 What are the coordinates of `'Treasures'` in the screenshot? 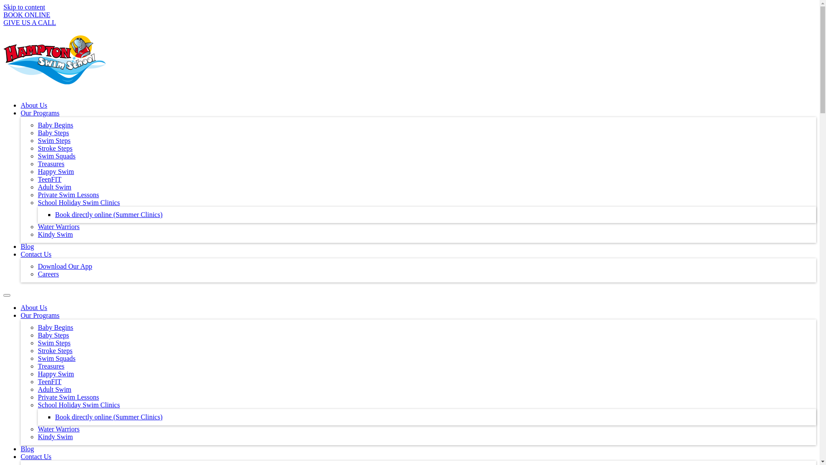 It's located at (51, 366).